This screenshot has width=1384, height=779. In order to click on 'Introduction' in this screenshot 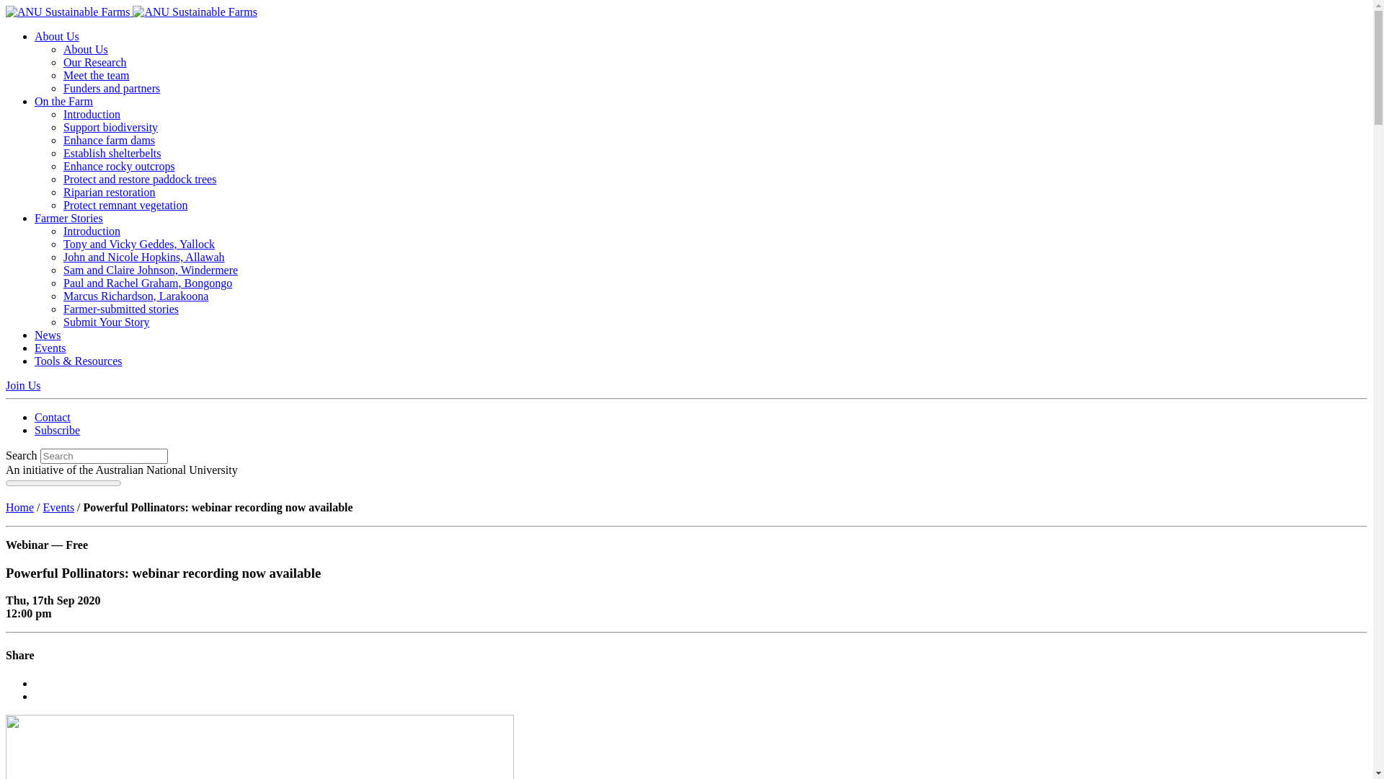, I will do `click(91, 230)`.